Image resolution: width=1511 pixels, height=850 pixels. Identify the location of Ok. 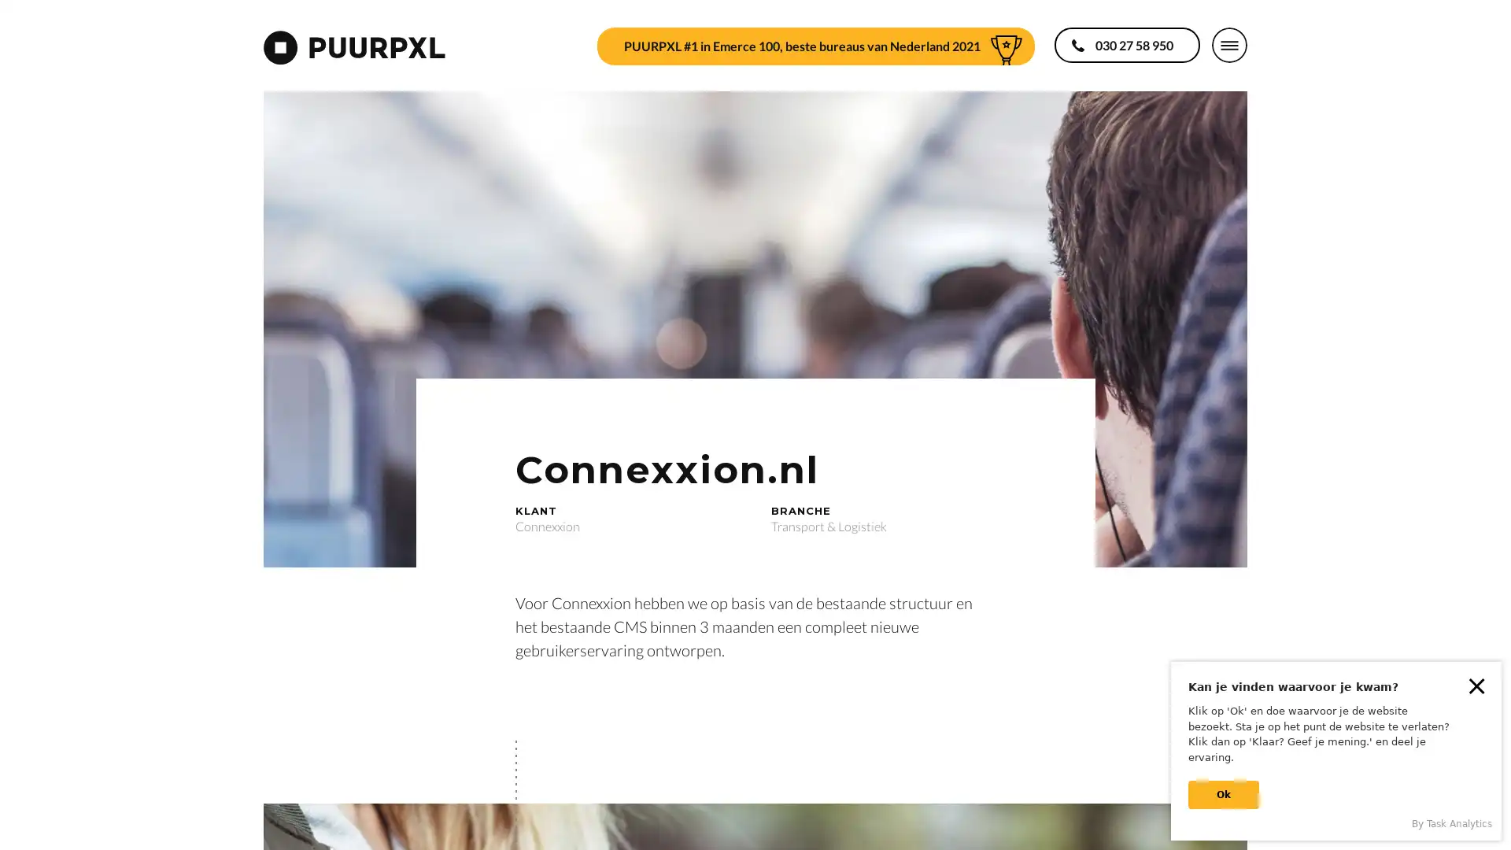
(1223, 795).